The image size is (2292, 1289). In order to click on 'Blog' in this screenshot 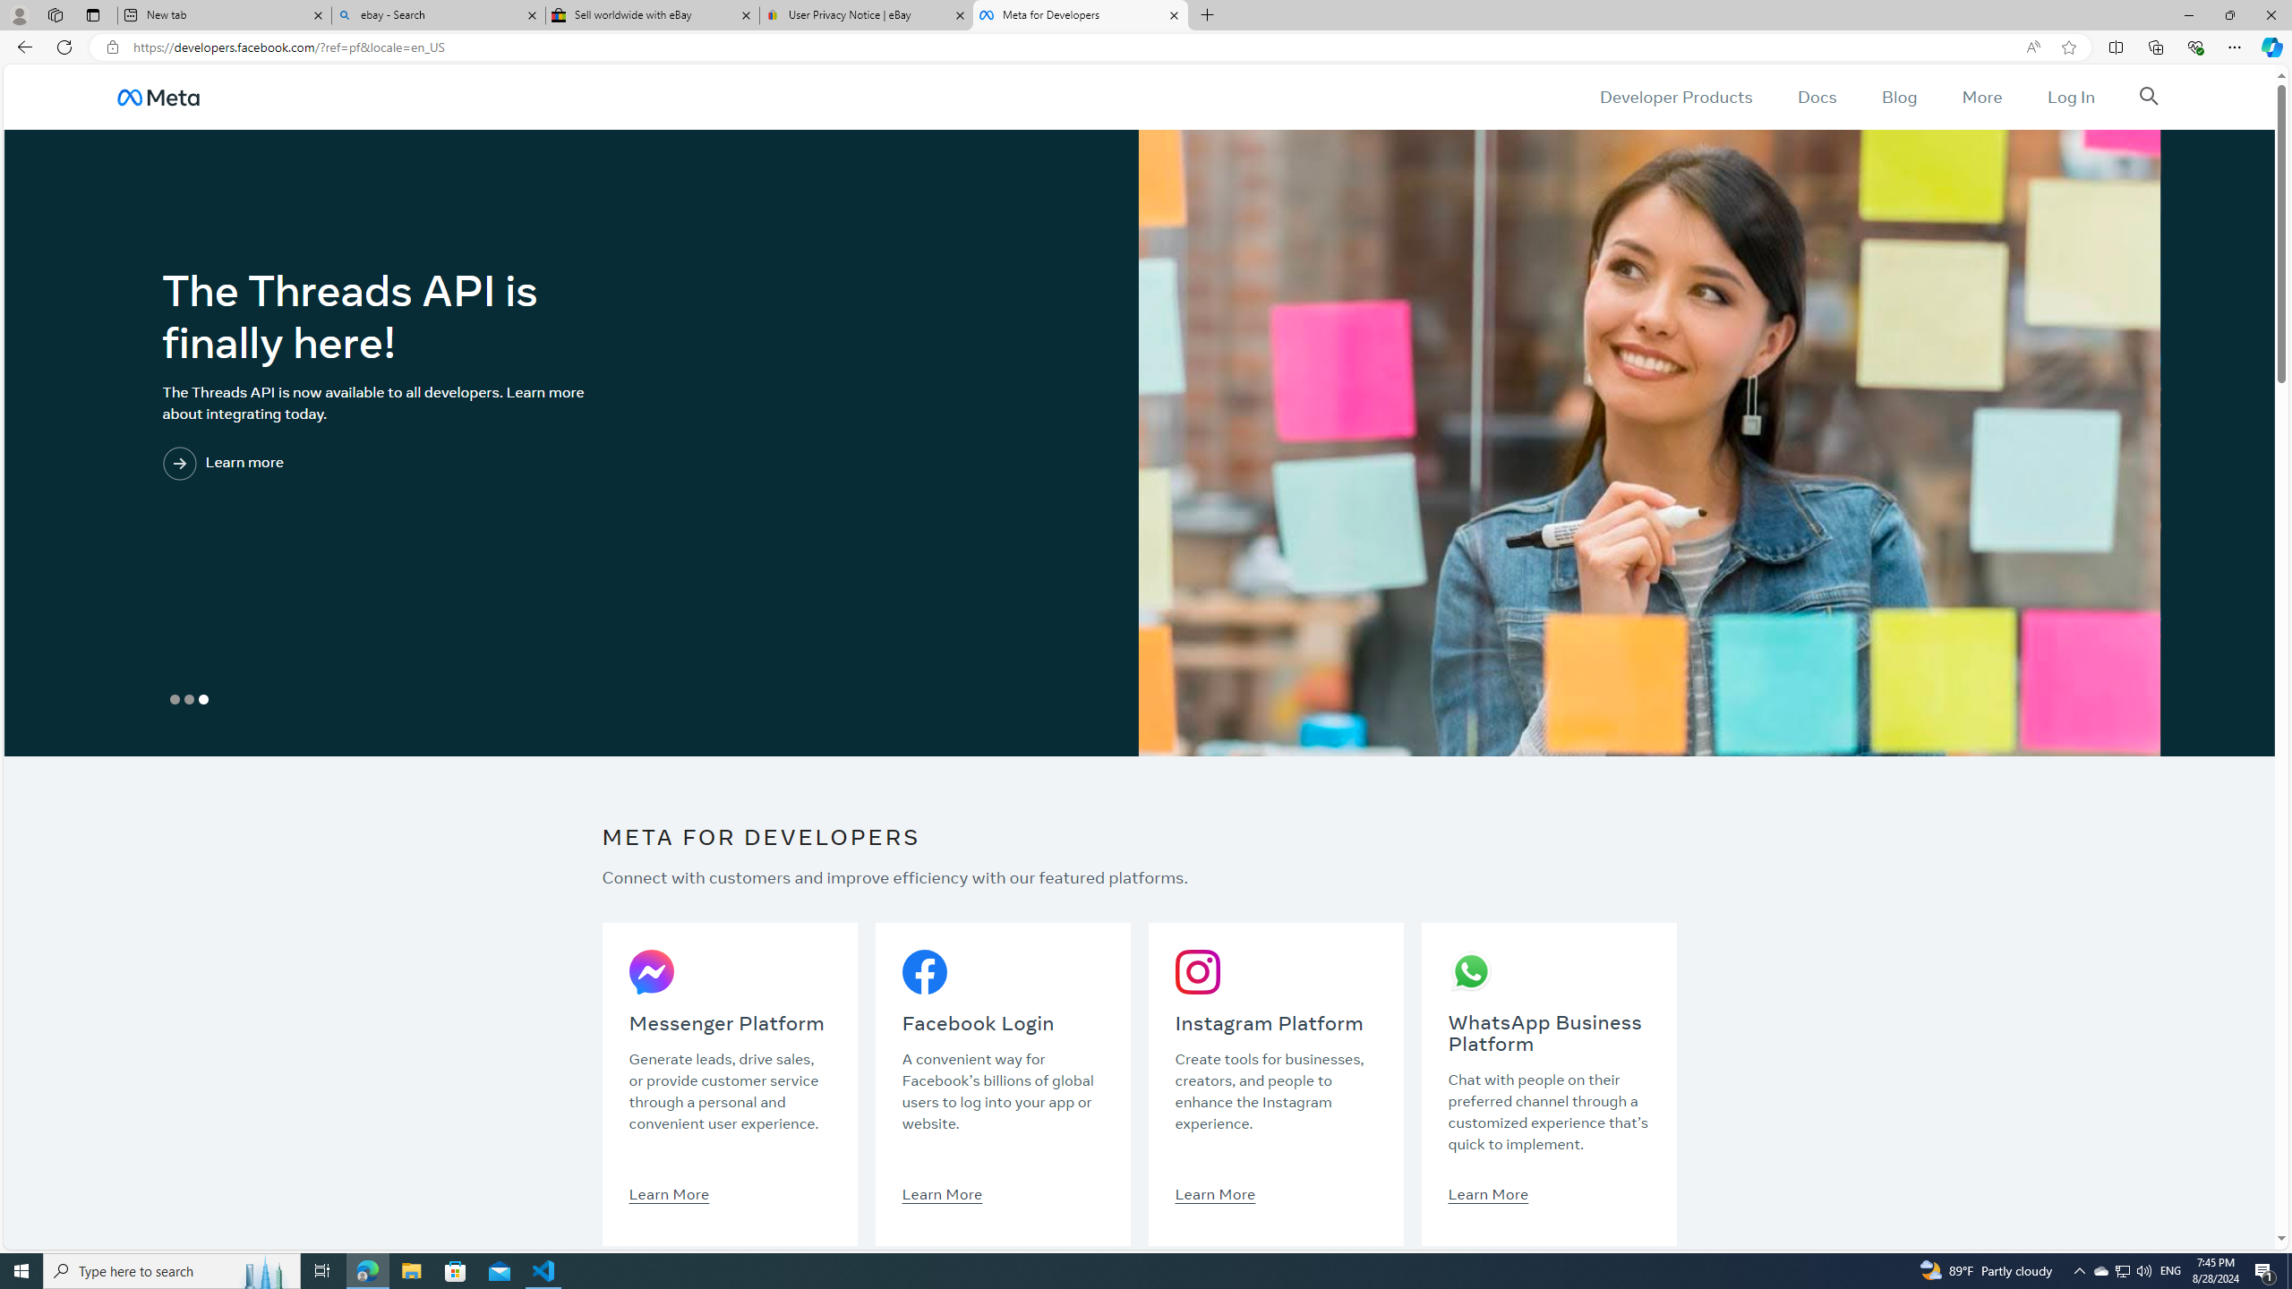, I will do `click(1897, 96)`.